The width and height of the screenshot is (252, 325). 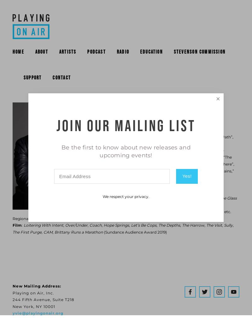 I want to click on 'When We Were Young and Unafraid', so click(x=157, y=187).